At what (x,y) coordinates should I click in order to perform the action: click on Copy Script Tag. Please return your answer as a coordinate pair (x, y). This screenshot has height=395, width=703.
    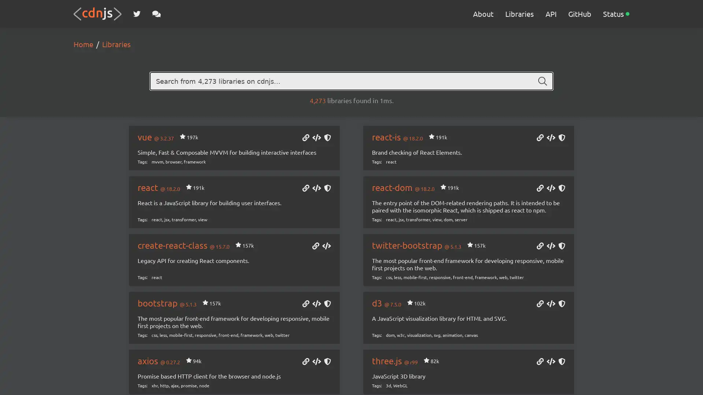
    Looking at the image, I should click on (316, 188).